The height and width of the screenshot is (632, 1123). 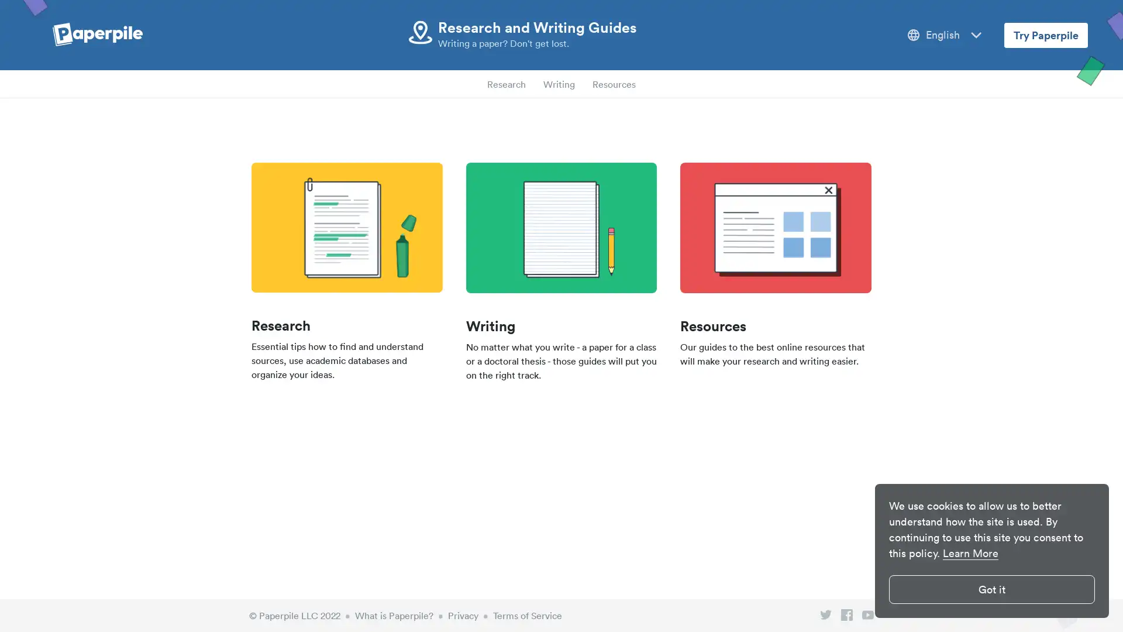 I want to click on English, so click(x=945, y=35).